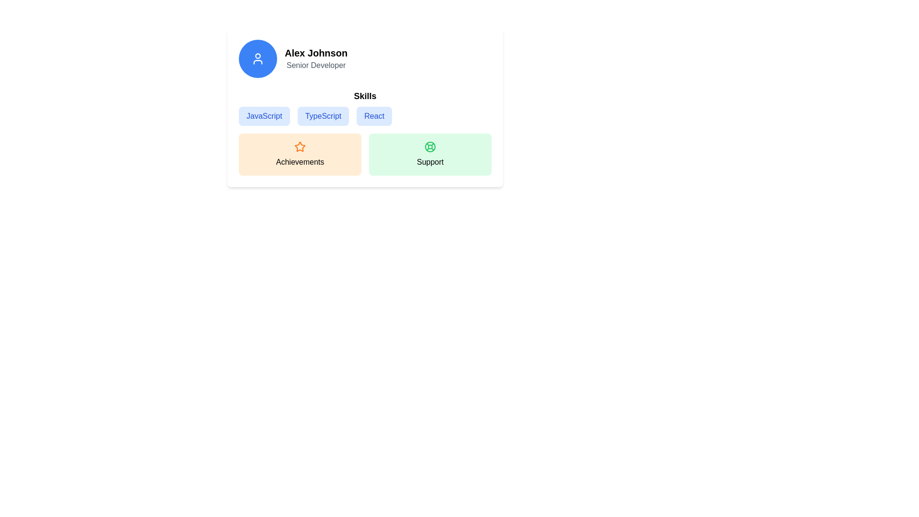 The width and height of the screenshot is (919, 517). I want to click on the text display element containing the title 'Alex Johnson' and the subtitle 'Senior Developer', which is positioned centrally in the upper segment of the layout, adjacent to the left avatar icon, so click(316, 59).